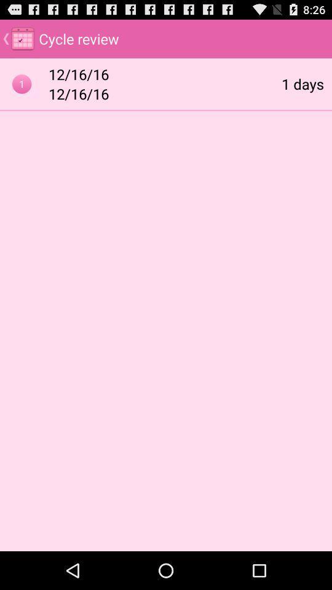 This screenshot has height=590, width=332. What do you see at coordinates (302, 83) in the screenshot?
I see `item next to the 12/16/16 icon` at bounding box center [302, 83].